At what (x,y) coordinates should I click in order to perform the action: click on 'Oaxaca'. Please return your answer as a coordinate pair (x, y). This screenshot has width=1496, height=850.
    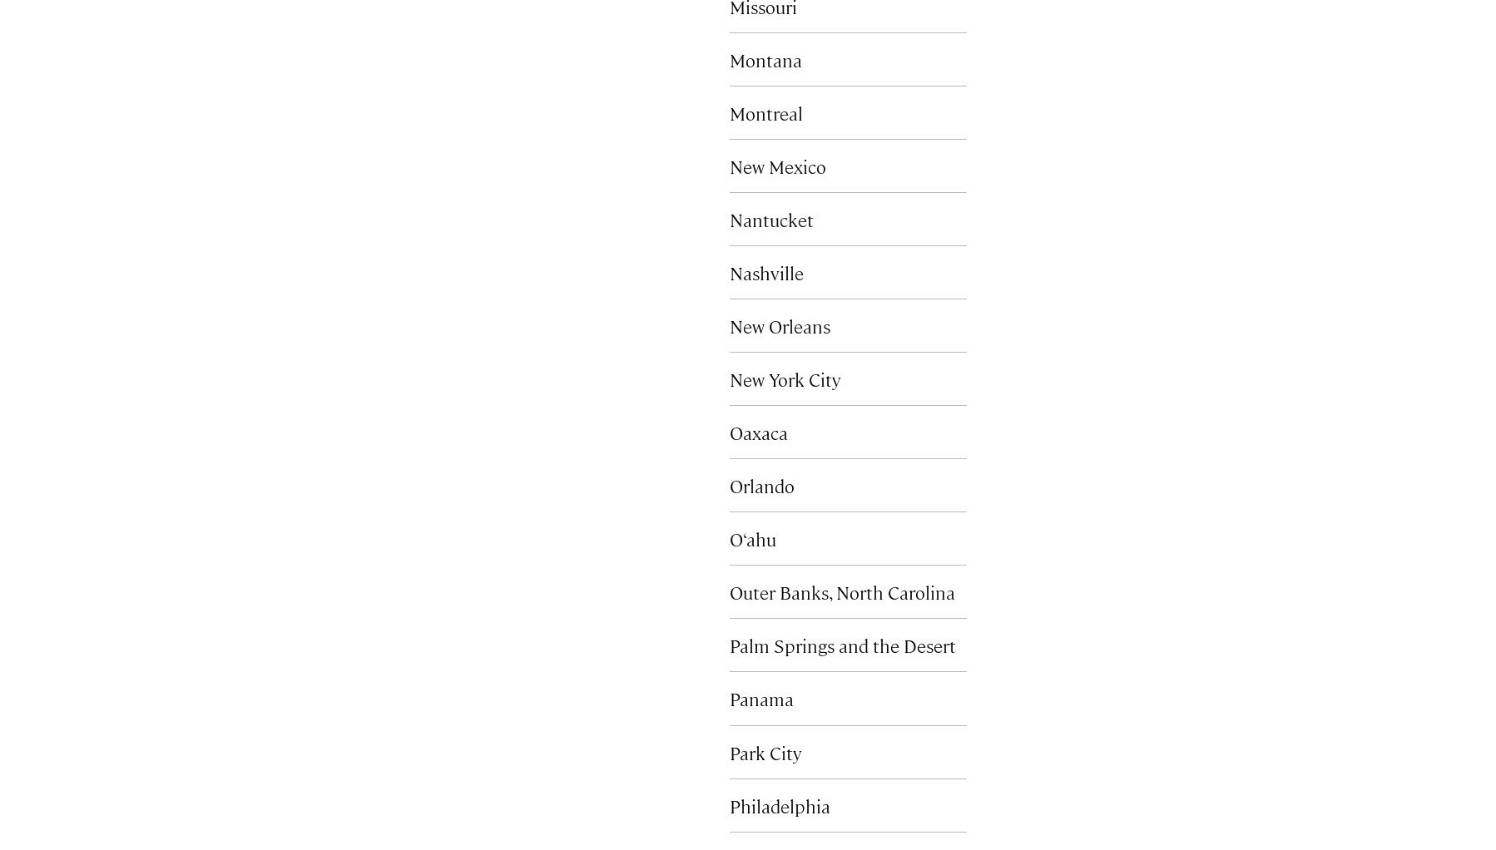
    Looking at the image, I should click on (757, 431).